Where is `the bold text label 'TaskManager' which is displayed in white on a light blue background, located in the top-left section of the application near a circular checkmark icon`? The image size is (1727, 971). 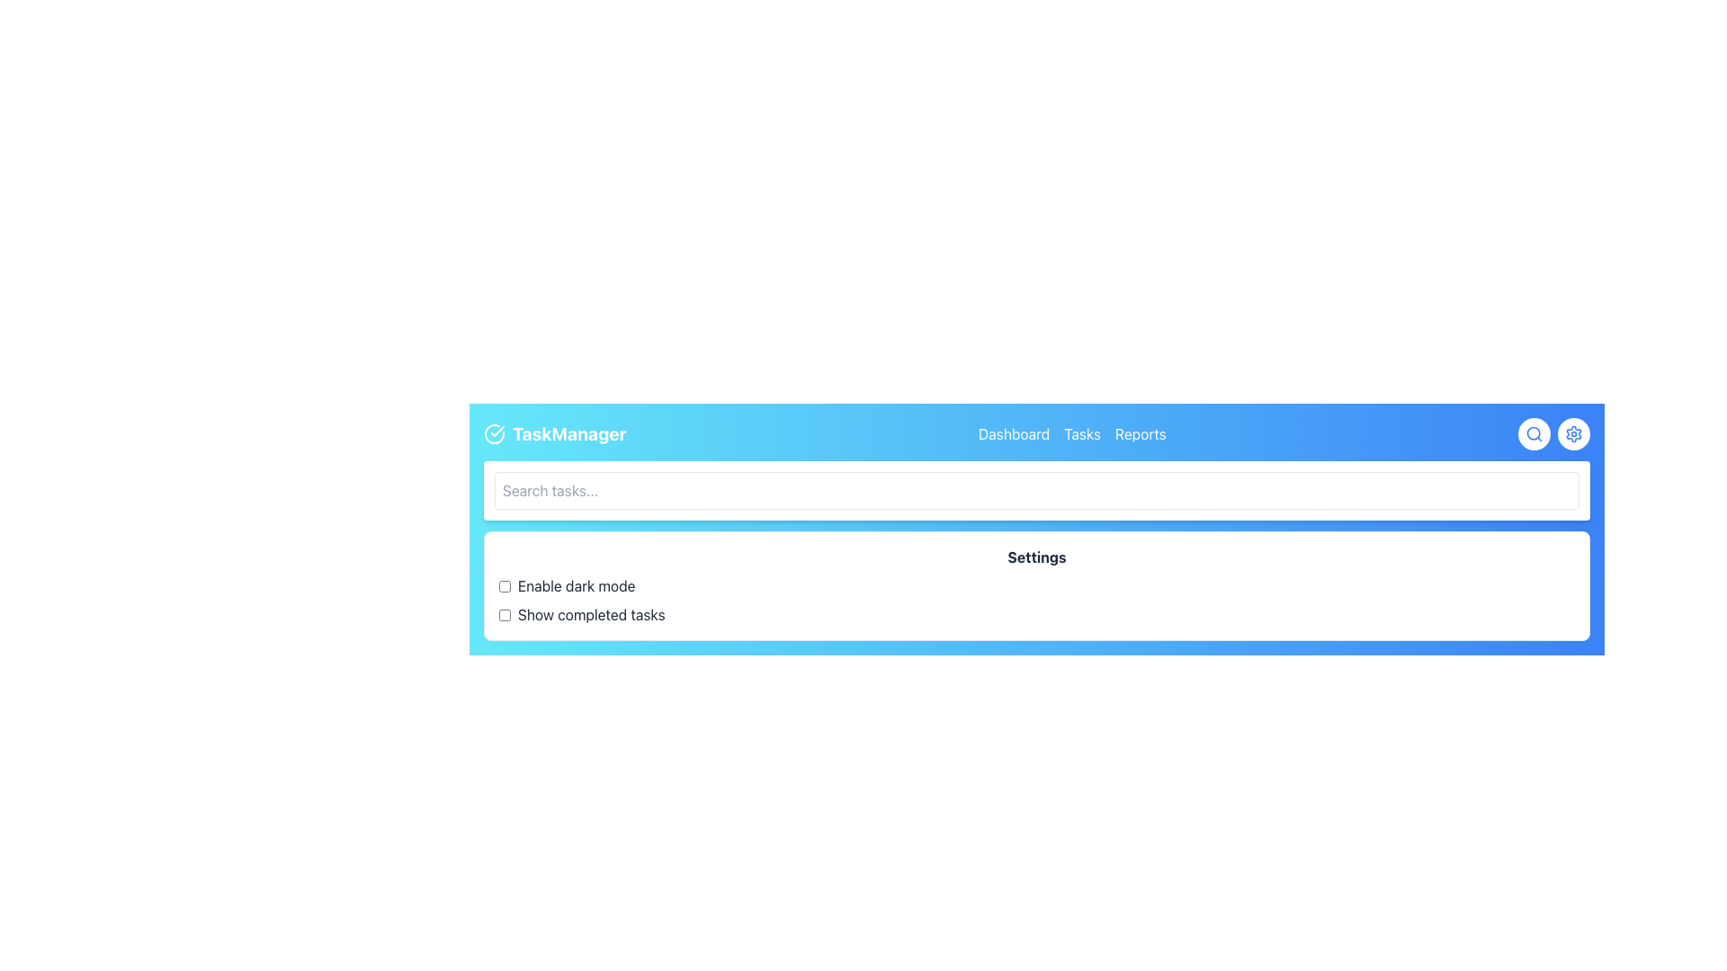 the bold text label 'TaskManager' which is displayed in white on a light blue background, located in the top-left section of the application near a circular checkmark icon is located at coordinates (568, 433).